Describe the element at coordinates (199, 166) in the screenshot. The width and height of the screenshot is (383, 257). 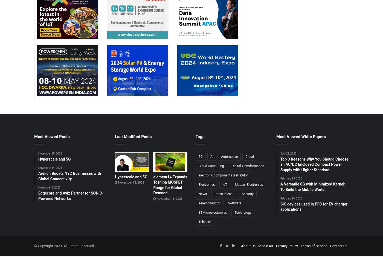
I see `'Cloud Computing'` at that location.